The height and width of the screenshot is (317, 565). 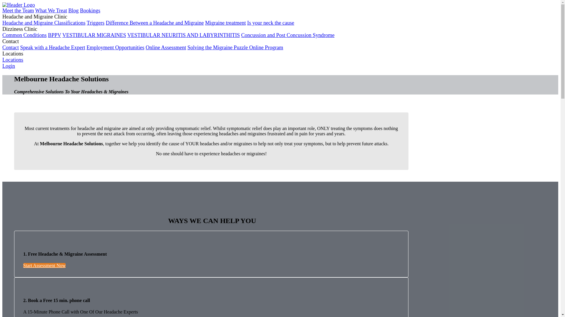 What do you see at coordinates (52, 47) in the screenshot?
I see `'Speak with a Headache Expert'` at bounding box center [52, 47].